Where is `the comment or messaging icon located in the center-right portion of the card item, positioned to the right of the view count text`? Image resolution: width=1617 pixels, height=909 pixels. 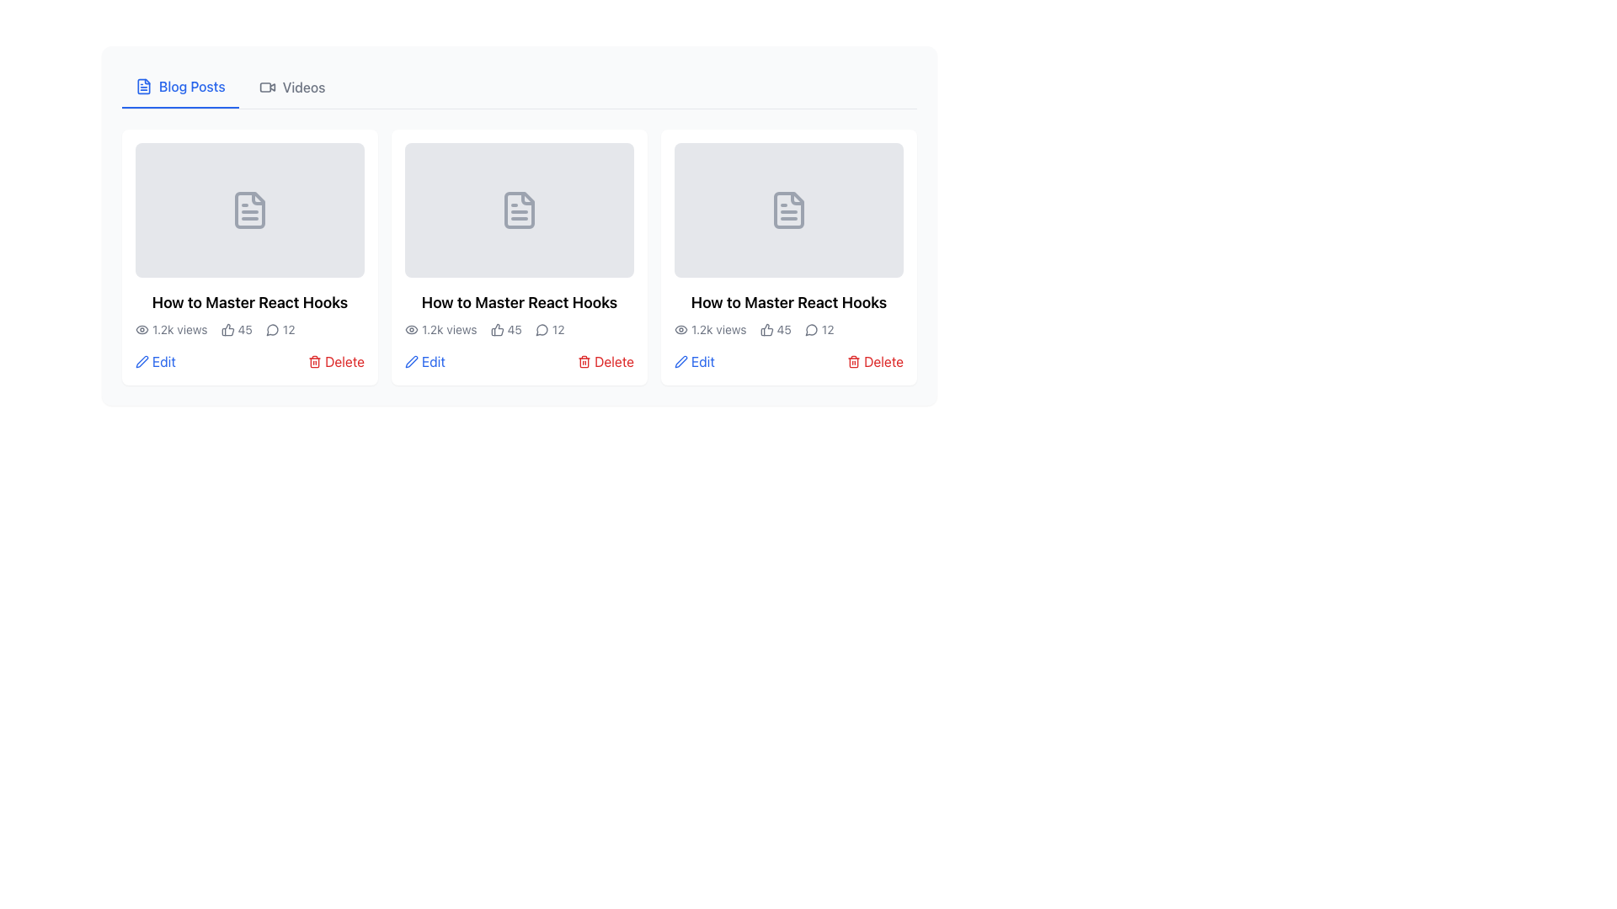 the comment or messaging icon located in the center-right portion of the card item, positioned to the right of the view count text is located at coordinates (272, 330).